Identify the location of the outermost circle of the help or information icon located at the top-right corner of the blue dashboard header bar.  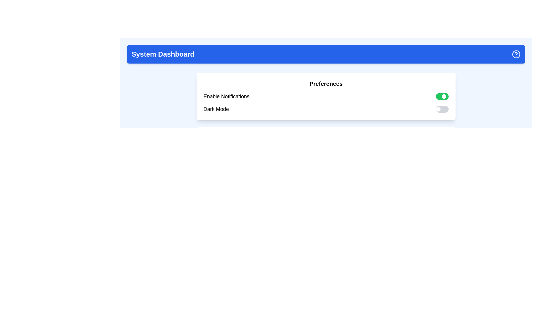
(516, 54).